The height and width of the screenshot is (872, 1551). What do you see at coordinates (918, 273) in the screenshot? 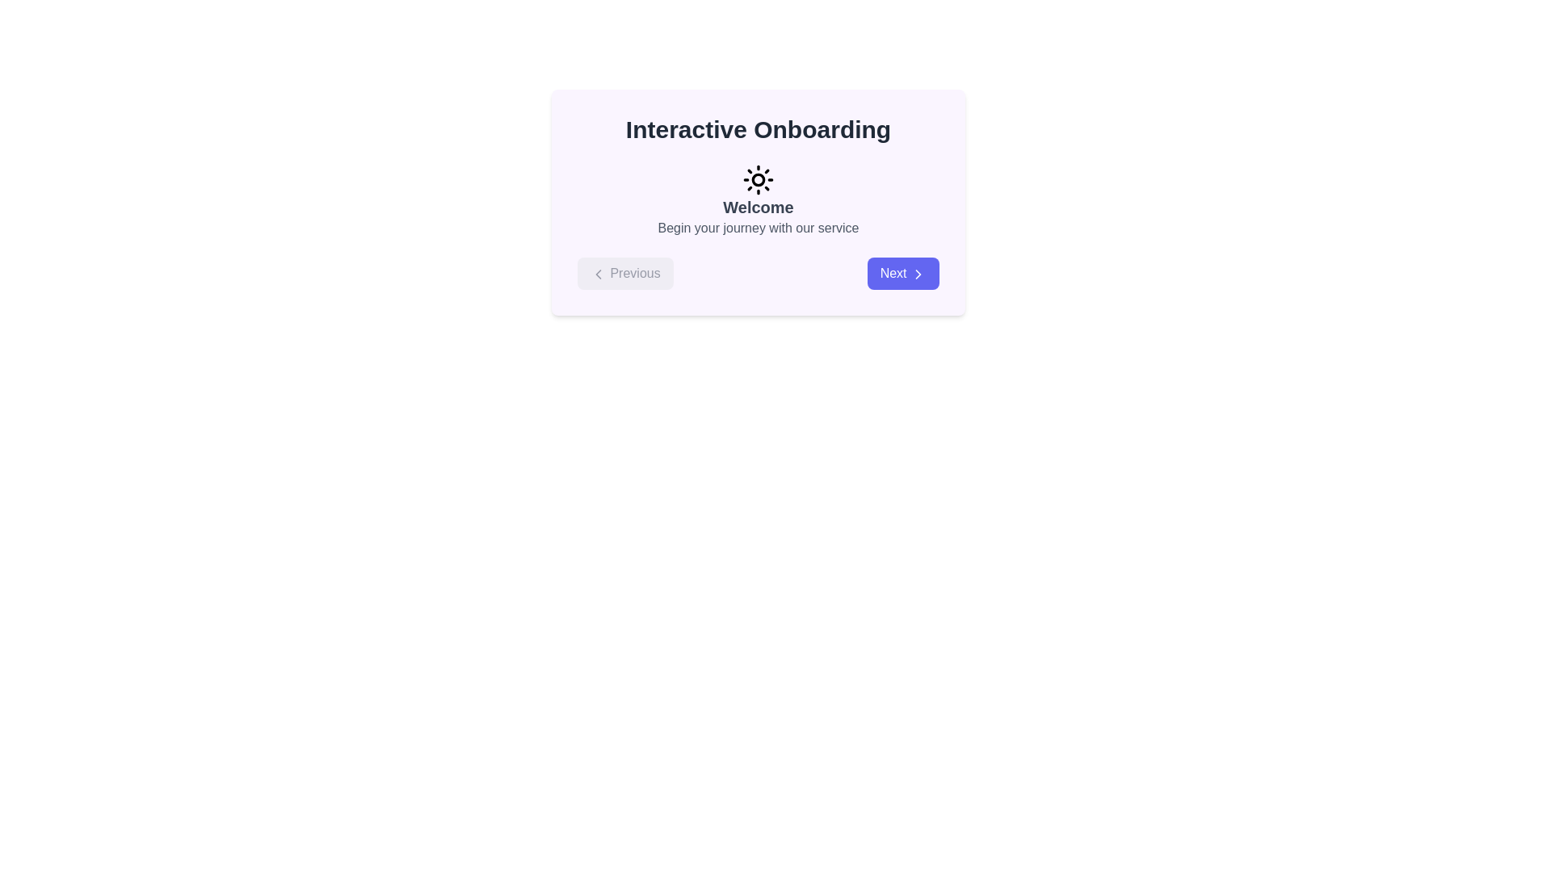
I see `the rightward-pointing chevron icon located inside the 'Next' button in the interactive onboarding interface` at bounding box center [918, 273].